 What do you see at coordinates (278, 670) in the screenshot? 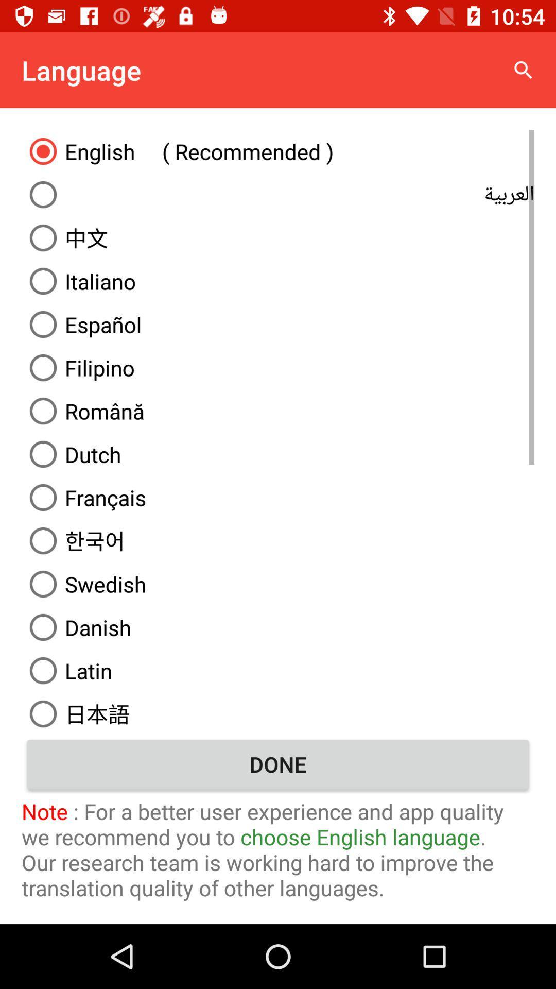
I see `the latin icon` at bounding box center [278, 670].